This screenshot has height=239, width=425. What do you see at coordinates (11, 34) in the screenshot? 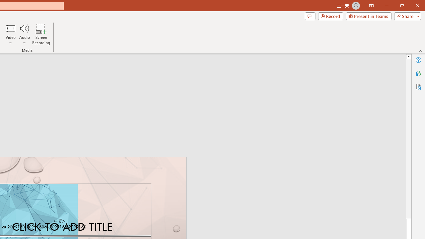
I see `'Video'` at bounding box center [11, 34].